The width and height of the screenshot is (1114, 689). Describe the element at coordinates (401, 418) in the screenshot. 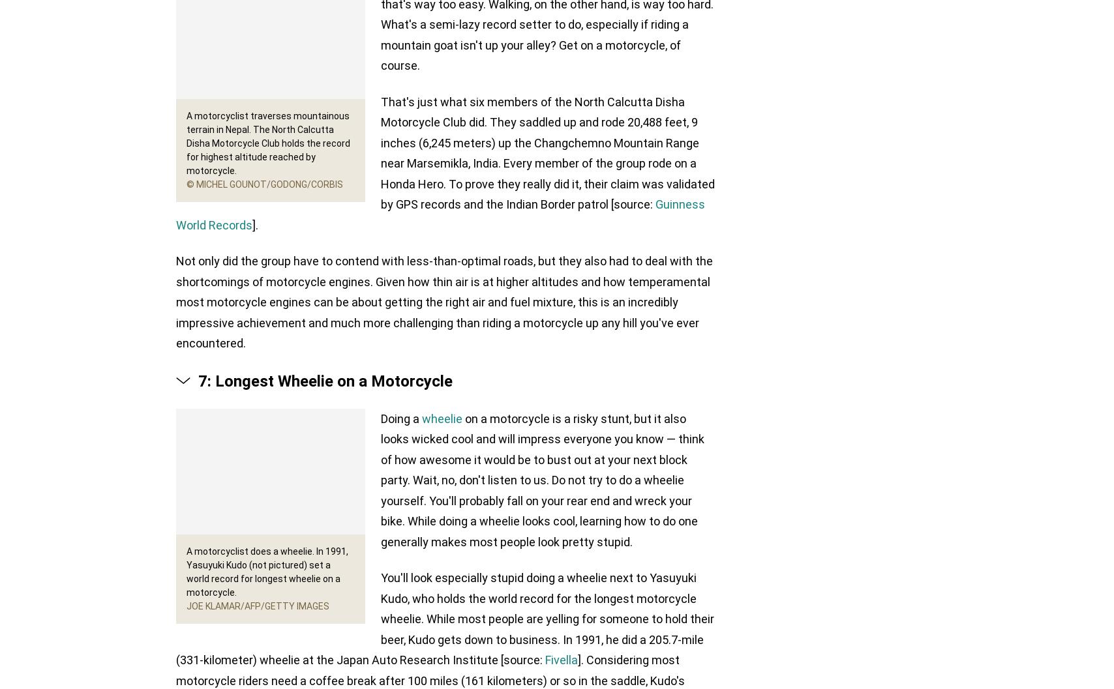

I see `'Doing a'` at that location.